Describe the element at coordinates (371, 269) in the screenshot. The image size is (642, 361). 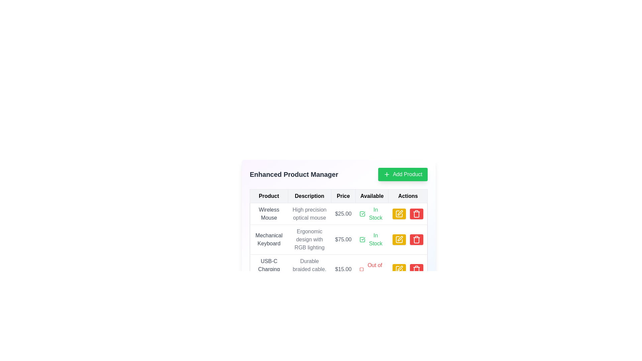
I see `the 'Unavailable' text label with an associated icon in the 'Available' column of the third row in the product information table` at that location.